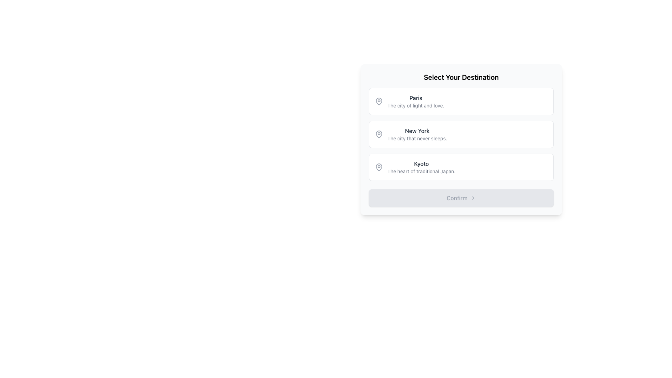 The image size is (672, 378). I want to click on the middle card in the vertical stack of selectable cards representing destinations, which includes 'Paris', 'New York', and 'Kyoto', so click(461, 134).